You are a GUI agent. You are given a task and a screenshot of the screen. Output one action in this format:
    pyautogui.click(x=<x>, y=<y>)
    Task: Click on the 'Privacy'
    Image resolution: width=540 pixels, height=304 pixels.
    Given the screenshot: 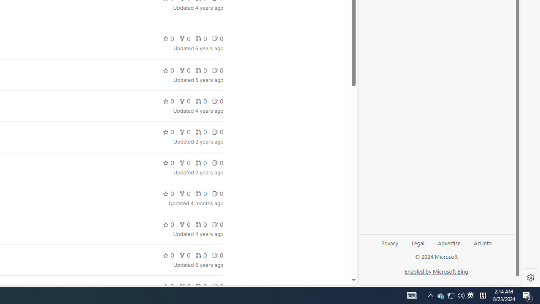 What is the action you would take?
    pyautogui.click(x=389, y=242)
    